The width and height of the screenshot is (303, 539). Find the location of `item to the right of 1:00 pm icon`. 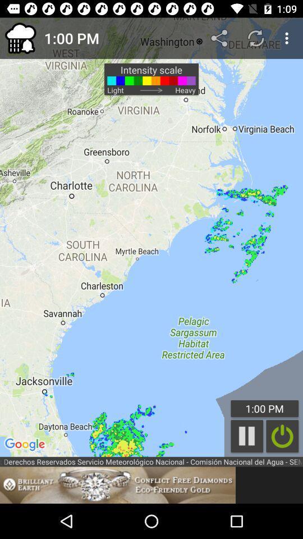

item to the right of 1:00 pm icon is located at coordinates (221, 38).